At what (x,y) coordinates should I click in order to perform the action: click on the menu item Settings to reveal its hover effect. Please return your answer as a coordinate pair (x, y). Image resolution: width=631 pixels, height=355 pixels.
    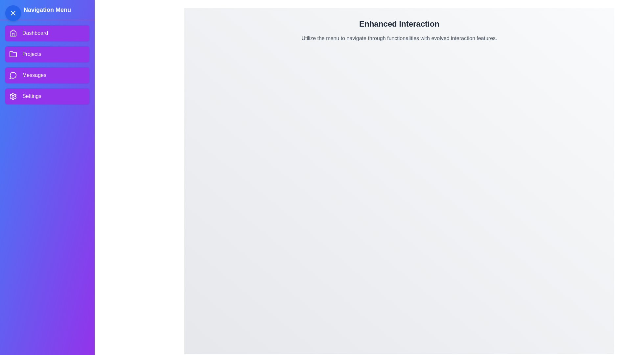
    Looking at the image, I should click on (47, 96).